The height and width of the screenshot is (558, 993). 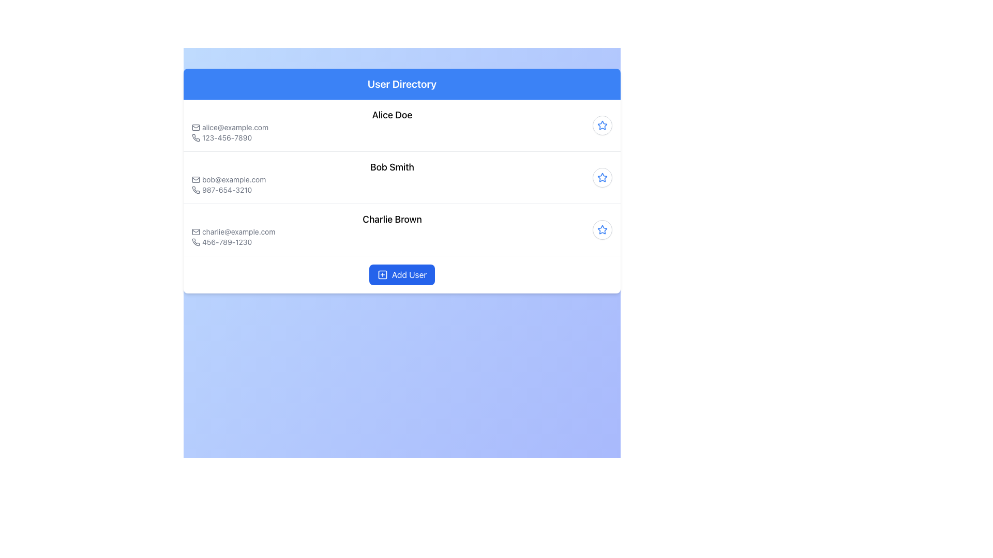 What do you see at coordinates (603, 229) in the screenshot?
I see `the circular button with a white background, blue border, and blue star icon` at bounding box center [603, 229].